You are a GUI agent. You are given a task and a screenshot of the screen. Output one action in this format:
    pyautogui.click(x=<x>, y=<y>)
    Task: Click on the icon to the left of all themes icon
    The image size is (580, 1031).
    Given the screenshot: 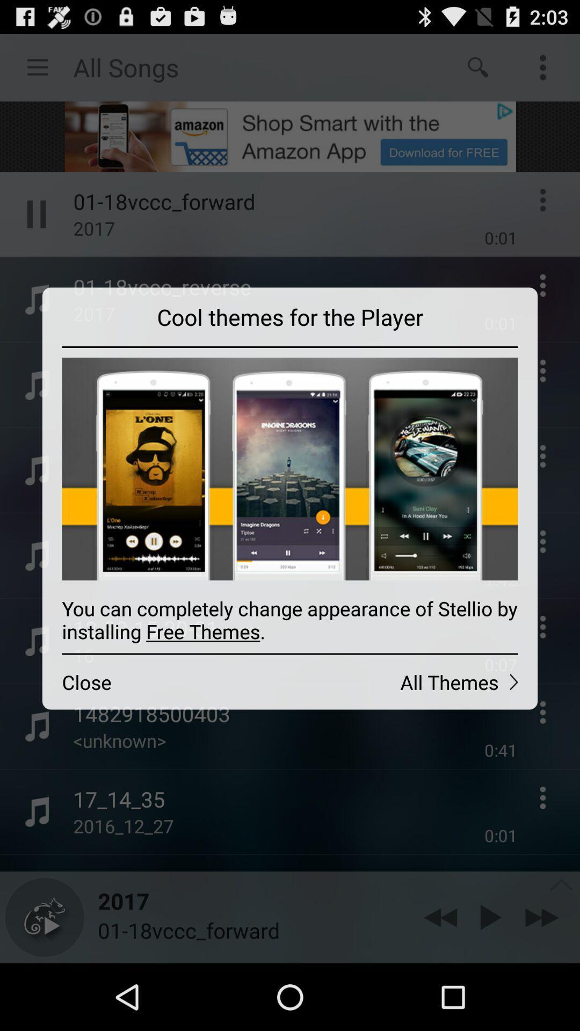 What is the action you would take?
    pyautogui.click(x=166, y=681)
    